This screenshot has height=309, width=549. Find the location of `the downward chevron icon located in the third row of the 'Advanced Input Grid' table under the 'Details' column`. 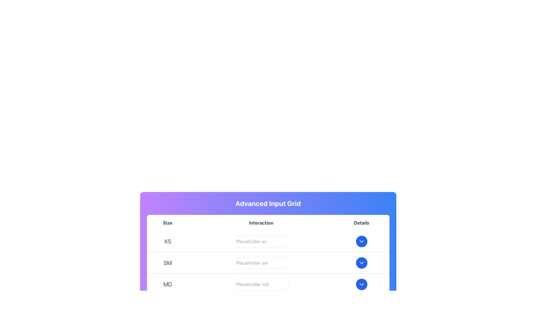

the downward chevron icon located in the third row of the 'Advanced Input Grid' table under the 'Details' column is located at coordinates (361, 284).